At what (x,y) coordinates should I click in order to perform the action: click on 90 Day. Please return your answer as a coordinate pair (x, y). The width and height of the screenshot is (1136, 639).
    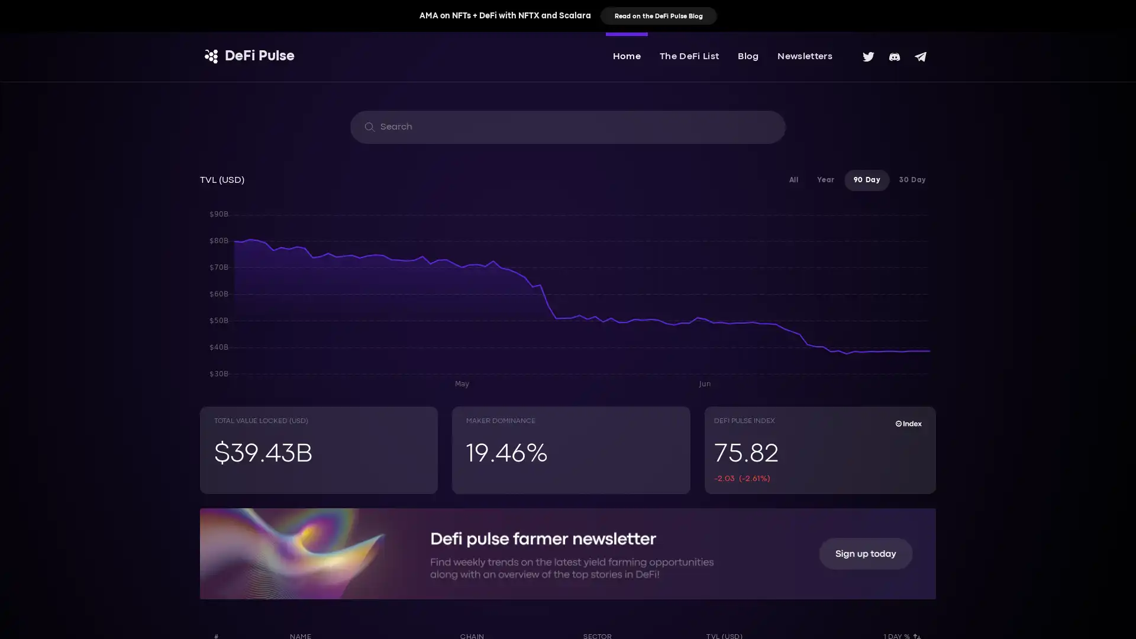
    Looking at the image, I should click on (866, 180).